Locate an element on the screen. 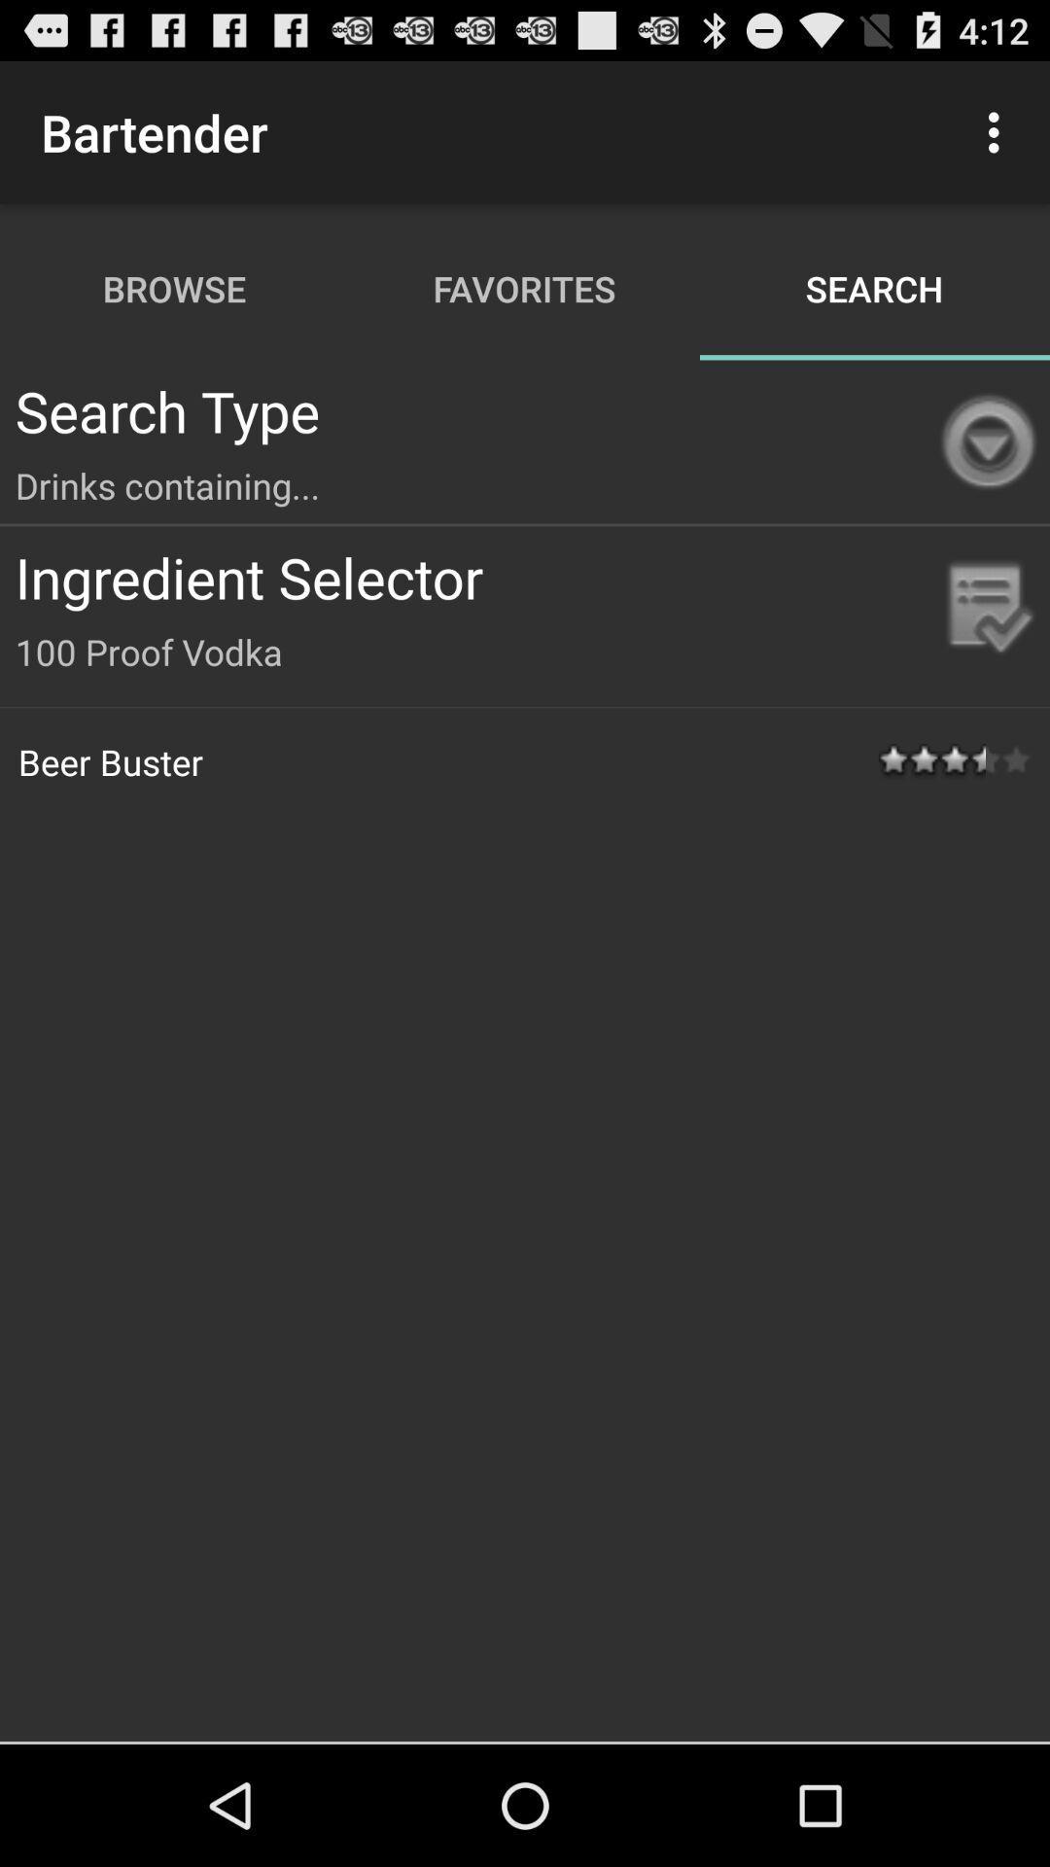 The width and height of the screenshot is (1050, 1867). the icon beside the ingredient selector is located at coordinates (989, 607).